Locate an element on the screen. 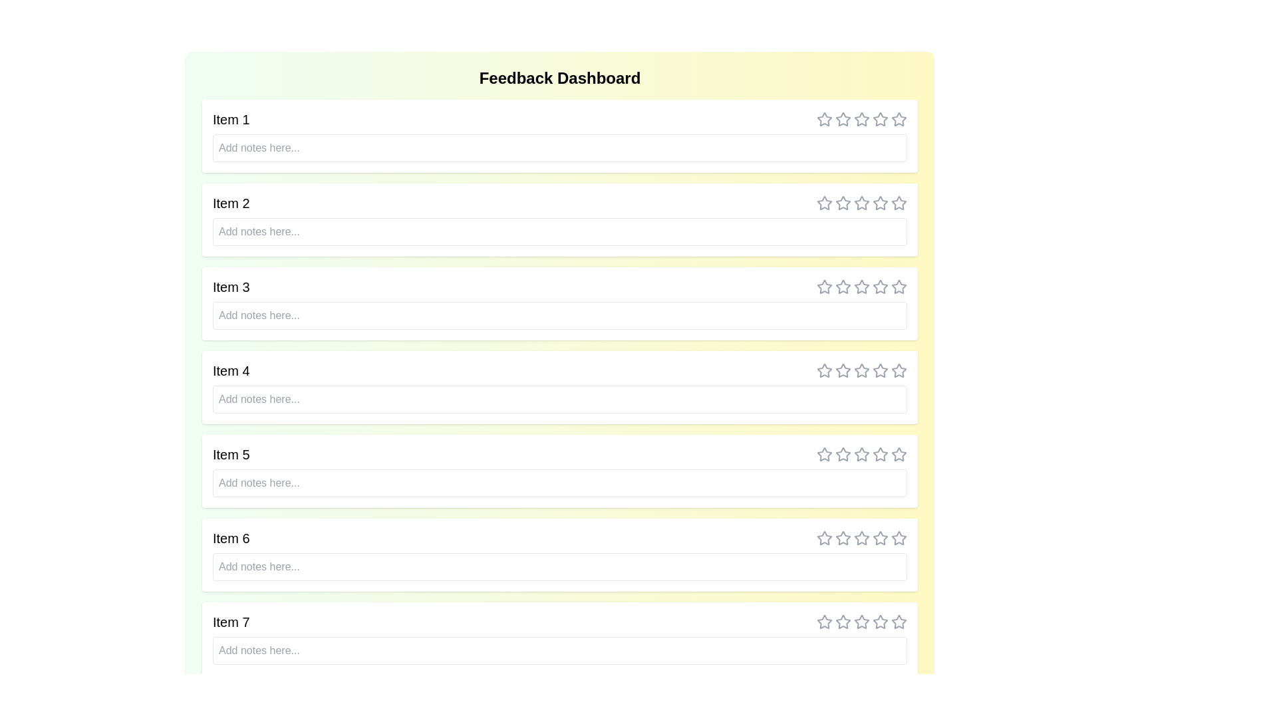 This screenshot has height=718, width=1277. the rating for an item to 2 stars is located at coordinates (842, 120).